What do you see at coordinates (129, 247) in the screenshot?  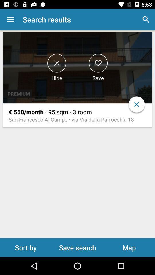 I see `the map icon` at bounding box center [129, 247].